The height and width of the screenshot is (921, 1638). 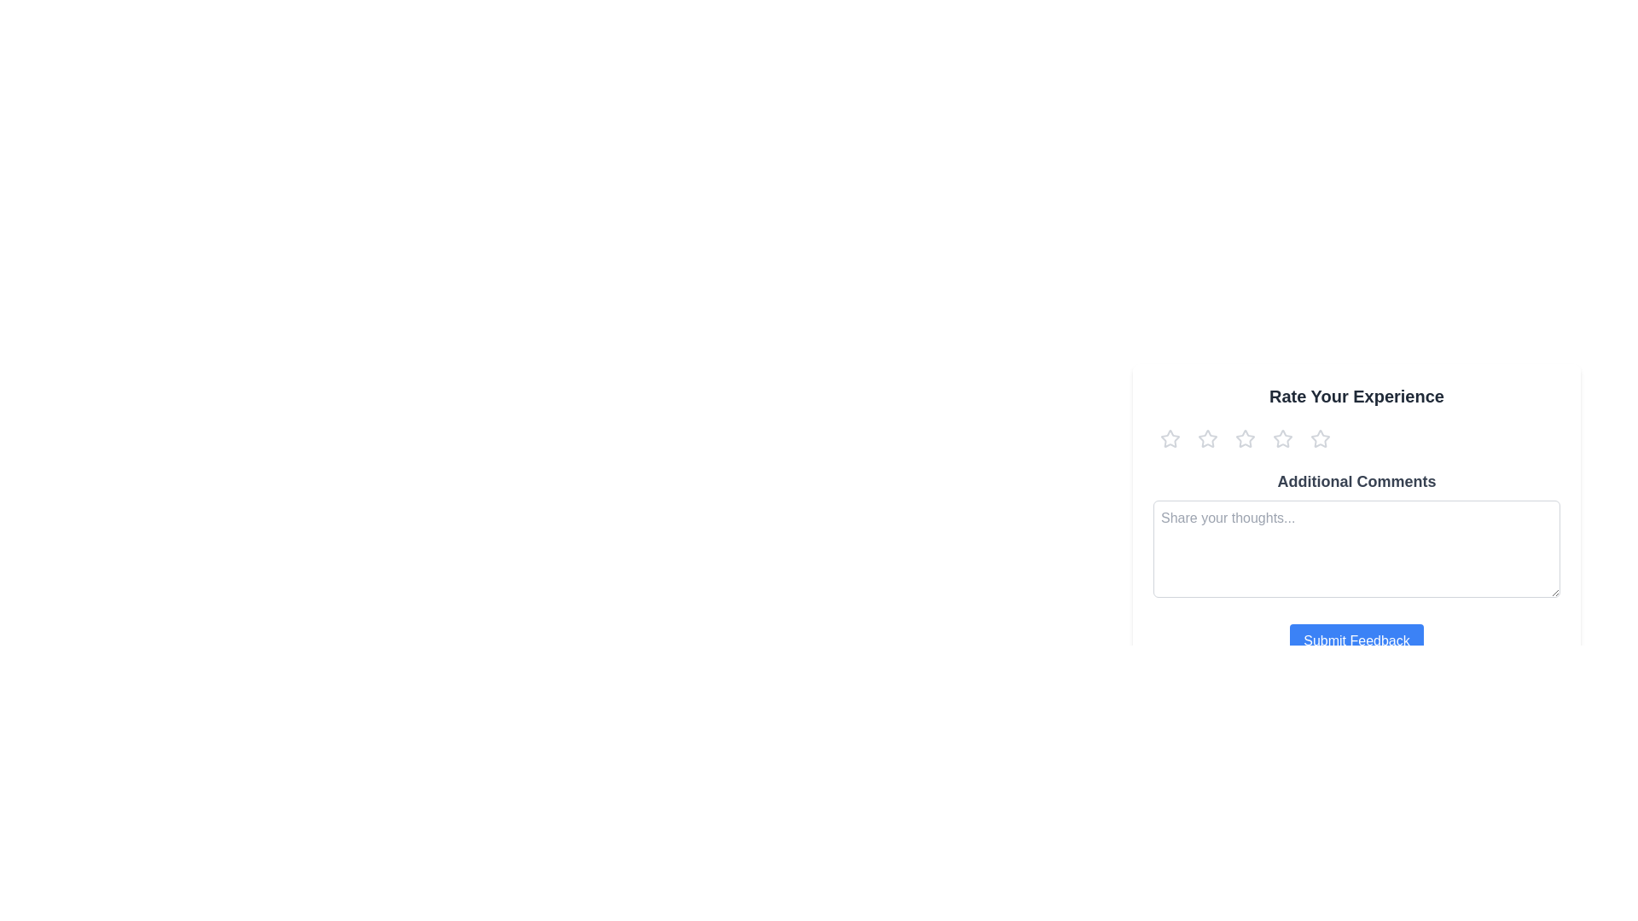 What do you see at coordinates (1245, 438) in the screenshot?
I see `the third rating star icon located below the 'Rate Your Experience' heading` at bounding box center [1245, 438].